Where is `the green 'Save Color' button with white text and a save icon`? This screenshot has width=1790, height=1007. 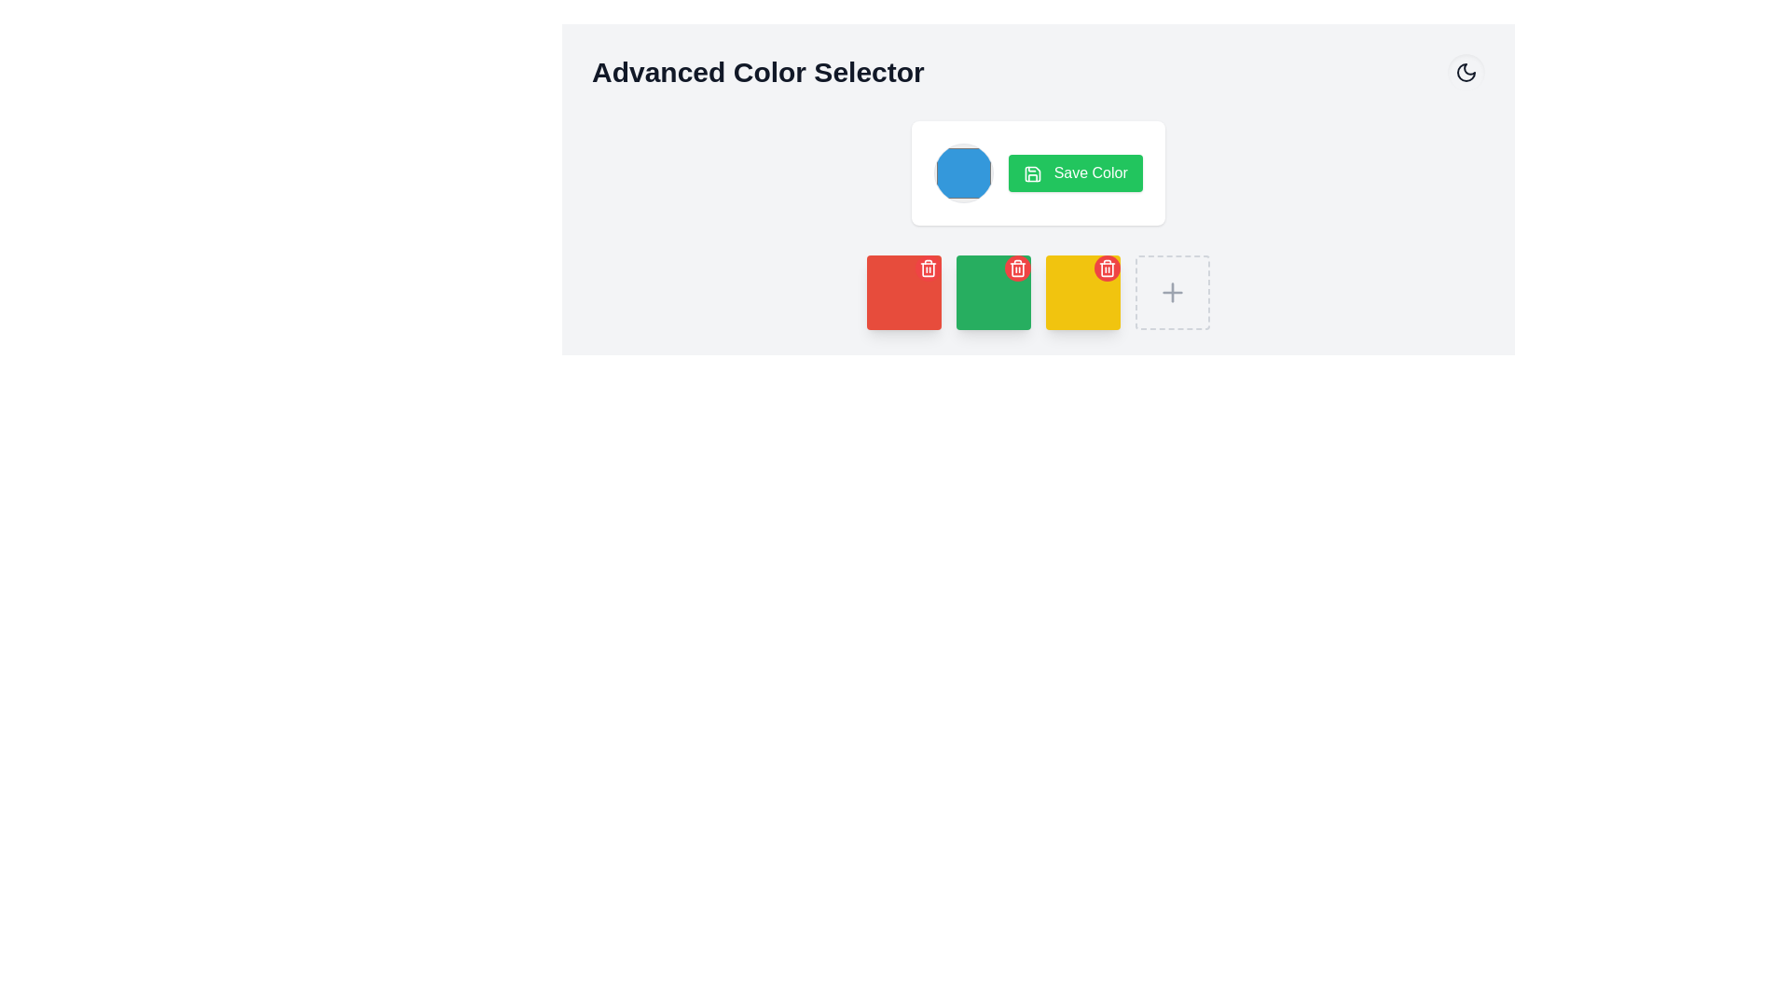 the green 'Save Color' button with white text and a save icon is located at coordinates (1037, 172).